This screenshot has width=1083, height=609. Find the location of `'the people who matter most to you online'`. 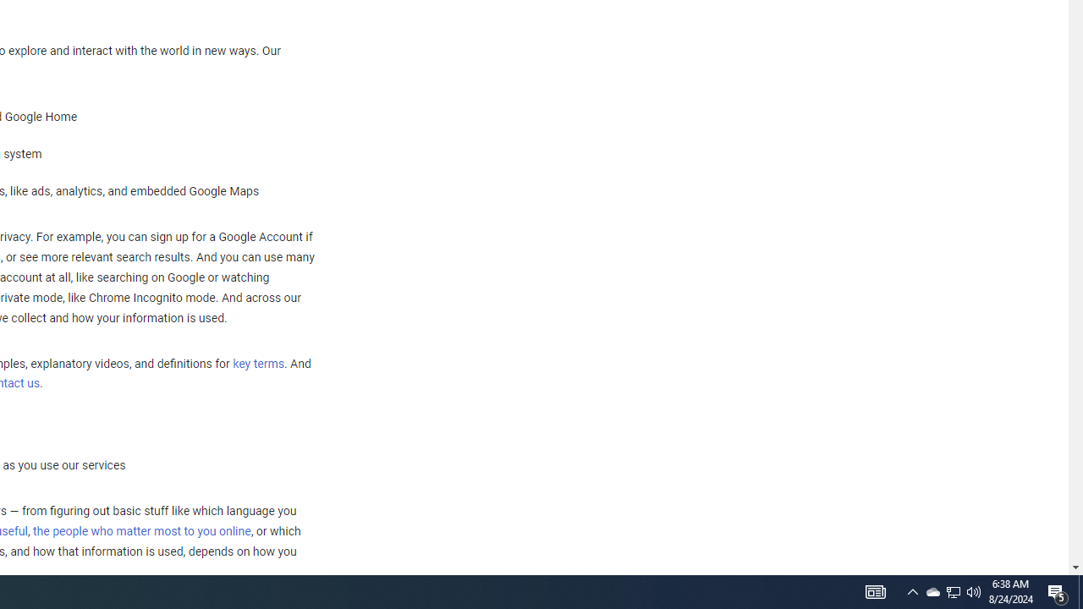

'the people who matter most to you online' is located at coordinates (141, 530).